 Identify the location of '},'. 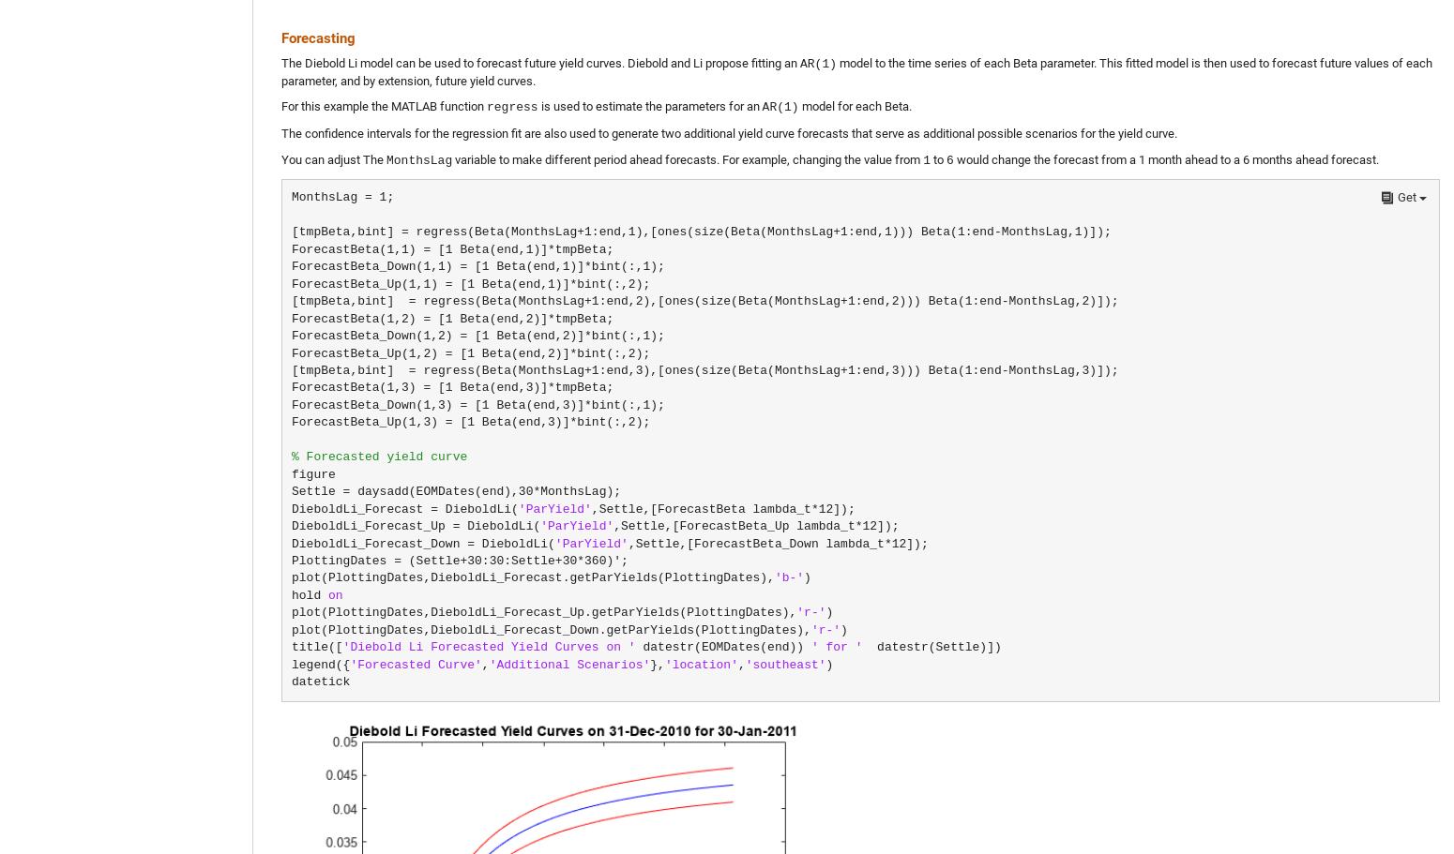
(657, 664).